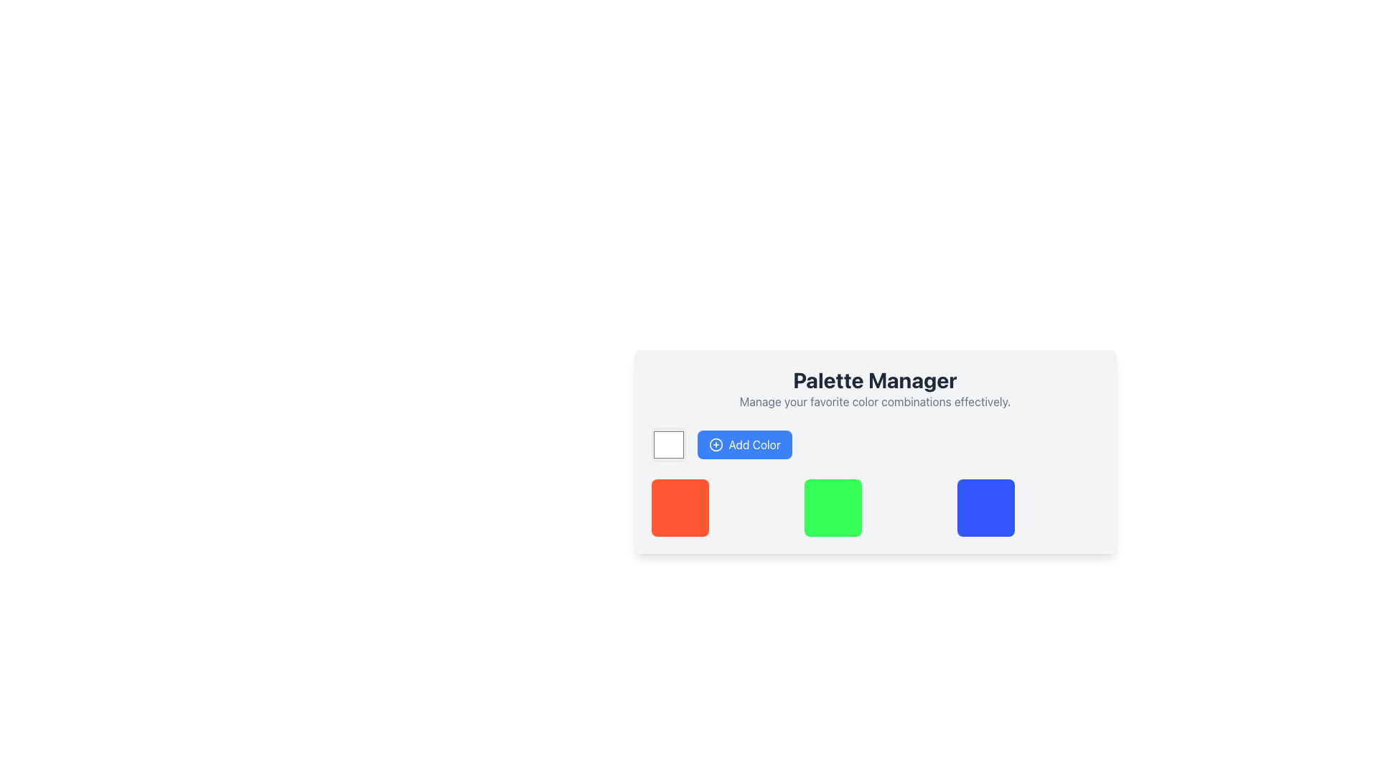 The image size is (1378, 775). I want to click on the introductory text header and description block for the 'Palette Manager' feature, which is positioned at the upper center of a card with a white background and rounded corners, so click(874, 389).